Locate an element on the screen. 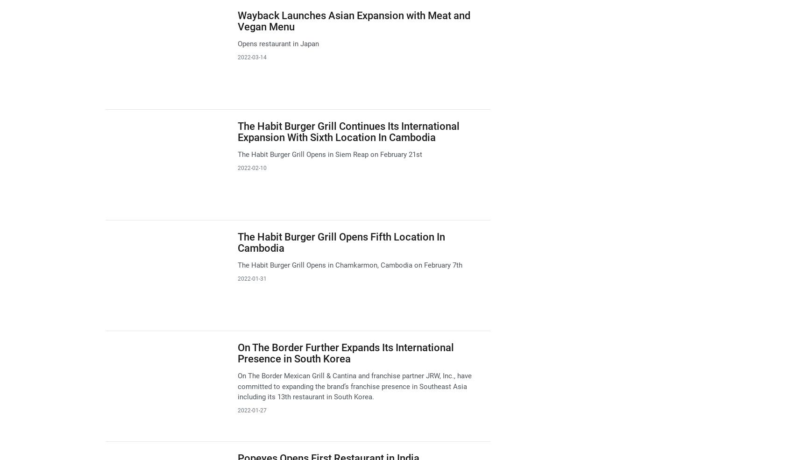 This screenshot has height=460, width=794. '2022-01-31' is located at coordinates (251, 278).